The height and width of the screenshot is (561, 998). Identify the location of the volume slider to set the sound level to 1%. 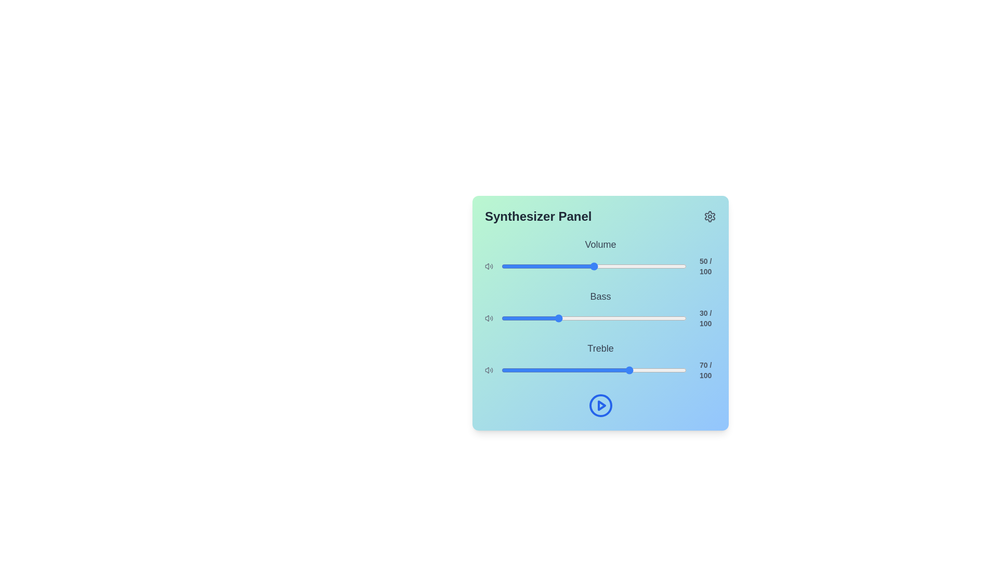
(503, 266).